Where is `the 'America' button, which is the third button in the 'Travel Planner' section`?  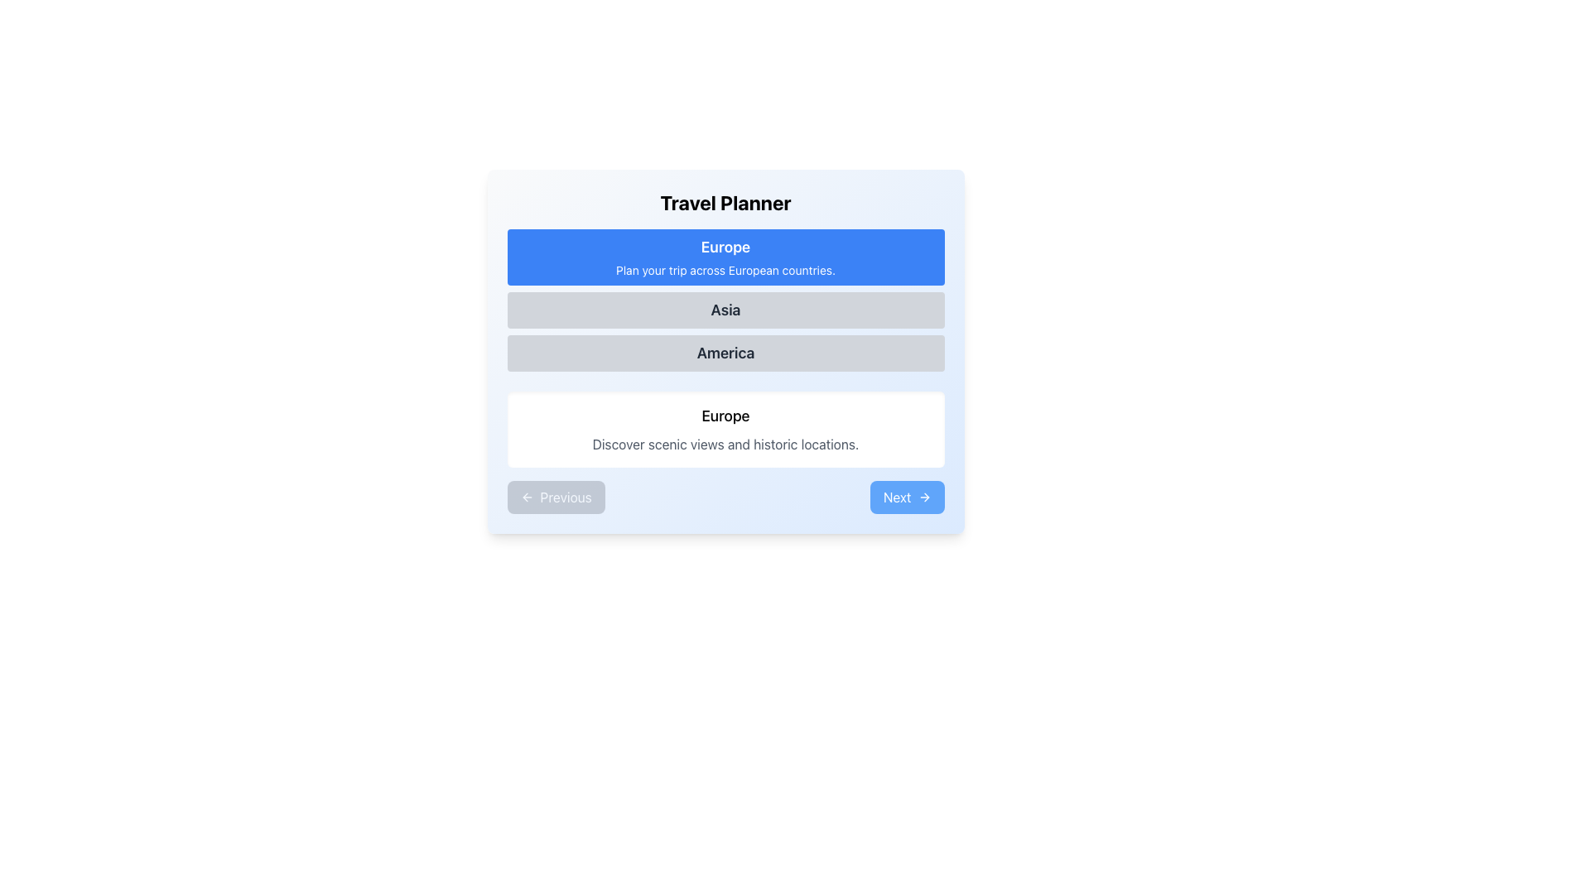 the 'America' button, which is the third button in the 'Travel Planner' section is located at coordinates (725, 353).